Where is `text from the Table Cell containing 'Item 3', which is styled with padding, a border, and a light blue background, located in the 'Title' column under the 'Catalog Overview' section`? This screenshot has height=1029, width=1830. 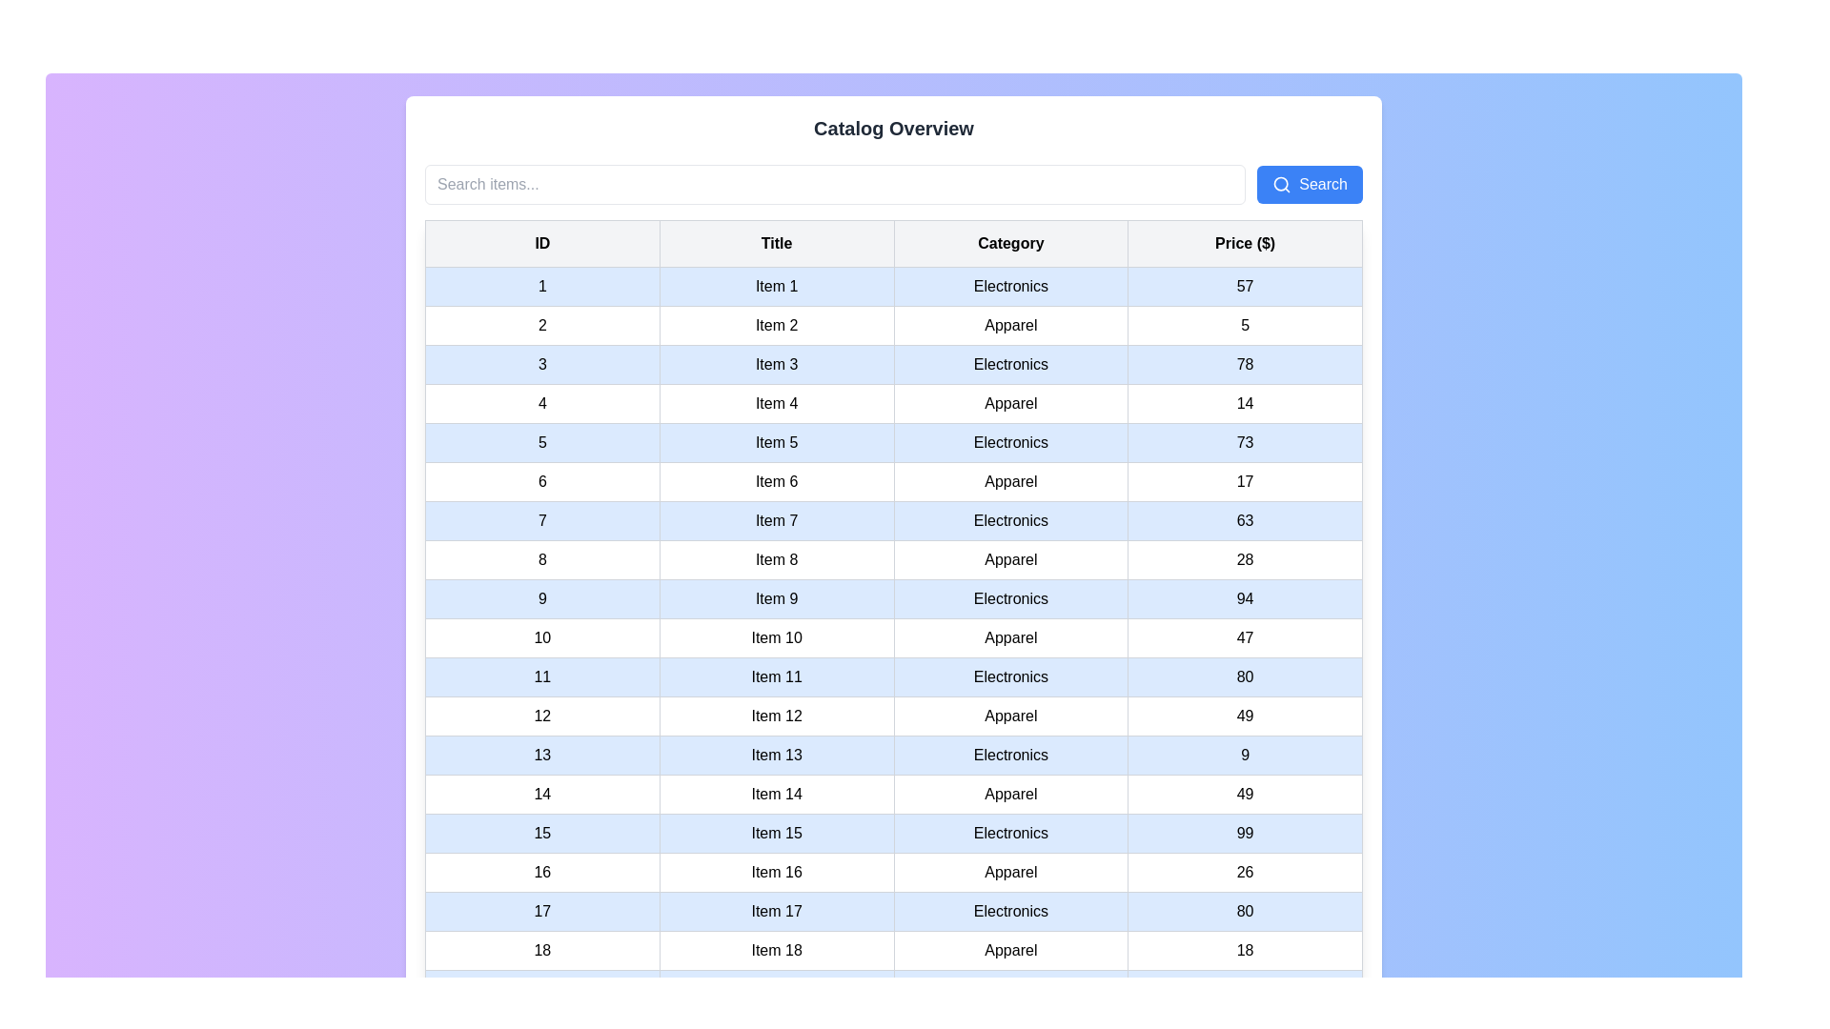 text from the Table Cell containing 'Item 3', which is styled with padding, a border, and a light blue background, located in the 'Title' column under the 'Catalog Overview' section is located at coordinates (777, 364).